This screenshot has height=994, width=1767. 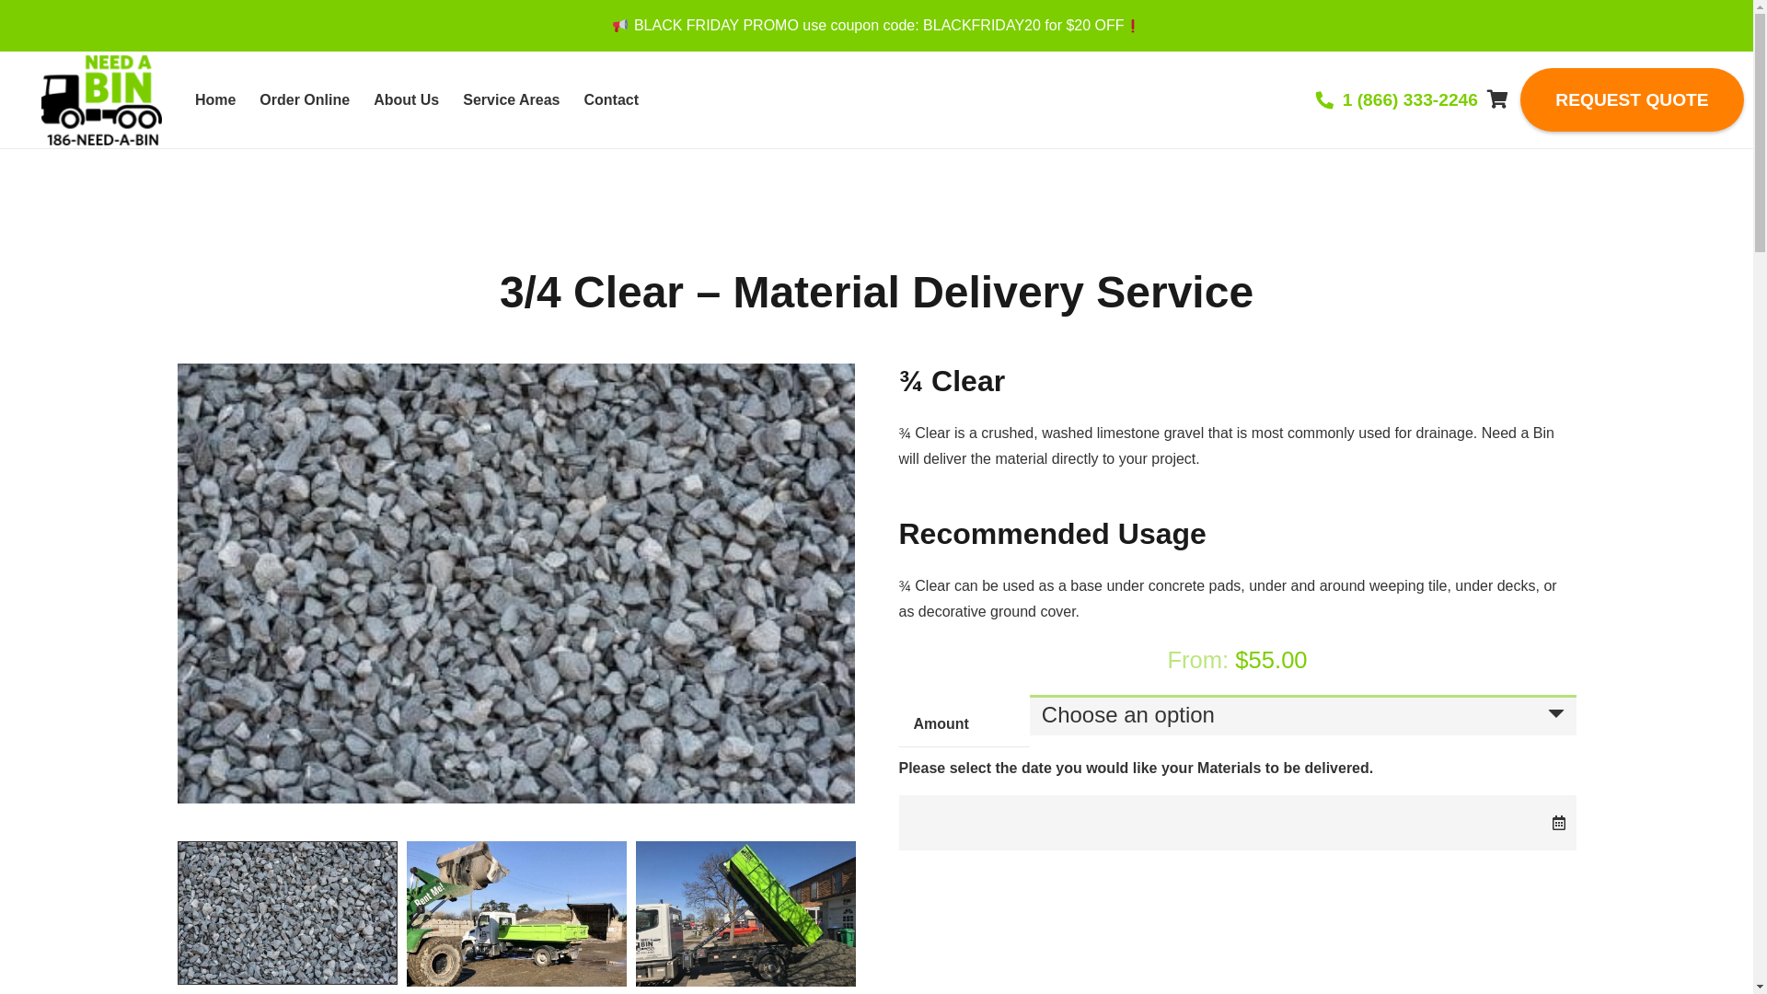 What do you see at coordinates (405, 99) in the screenshot?
I see `'About Us'` at bounding box center [405, 99].